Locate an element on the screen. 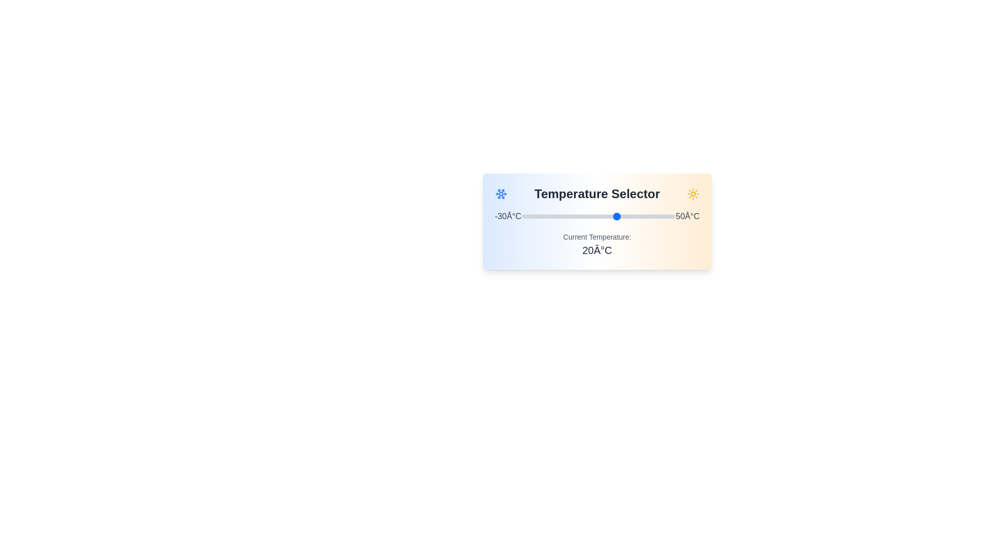  the temperature is located at coordinates (638, 216).